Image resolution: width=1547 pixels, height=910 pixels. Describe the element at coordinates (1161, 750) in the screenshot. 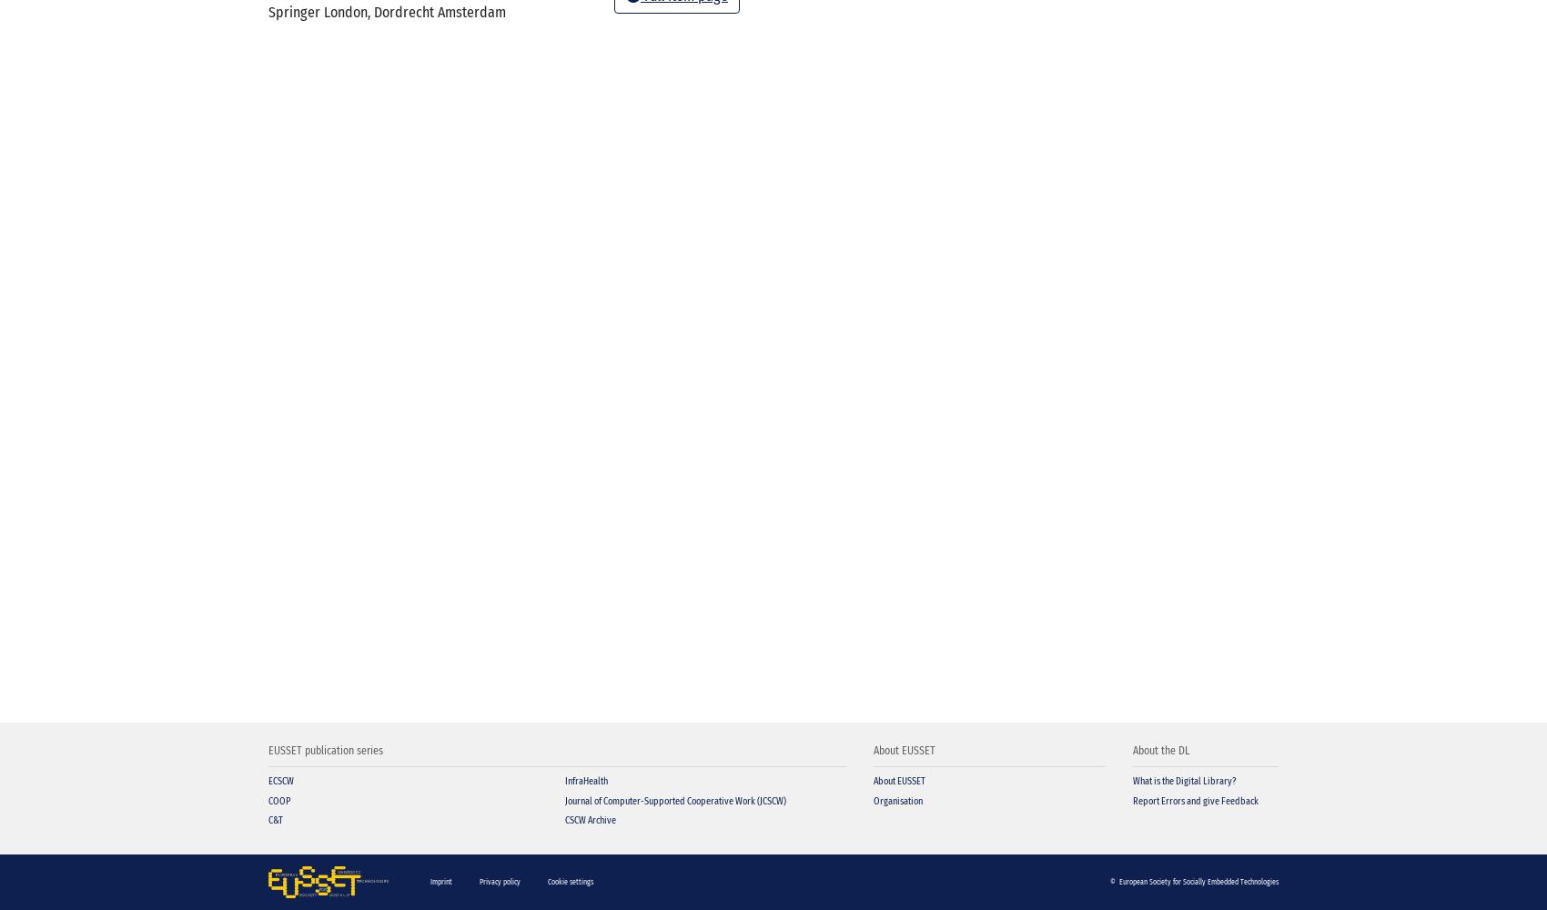

I see `'About the DL'` at that location.